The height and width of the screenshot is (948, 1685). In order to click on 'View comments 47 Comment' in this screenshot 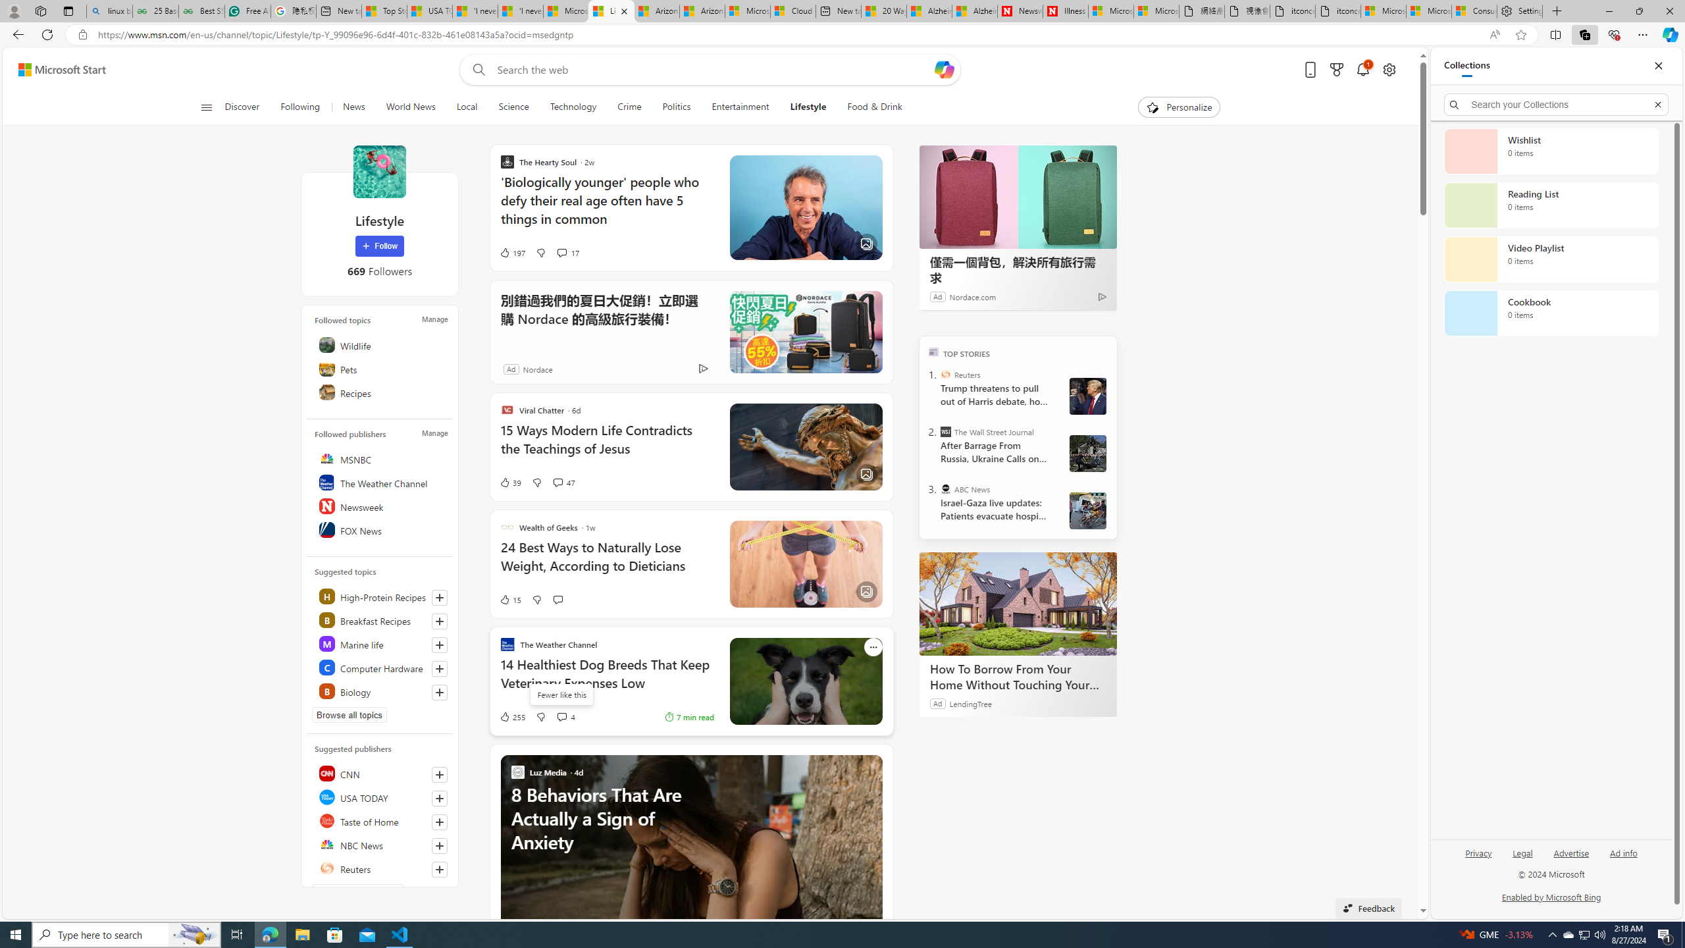, I will do `click(557, 481)`.